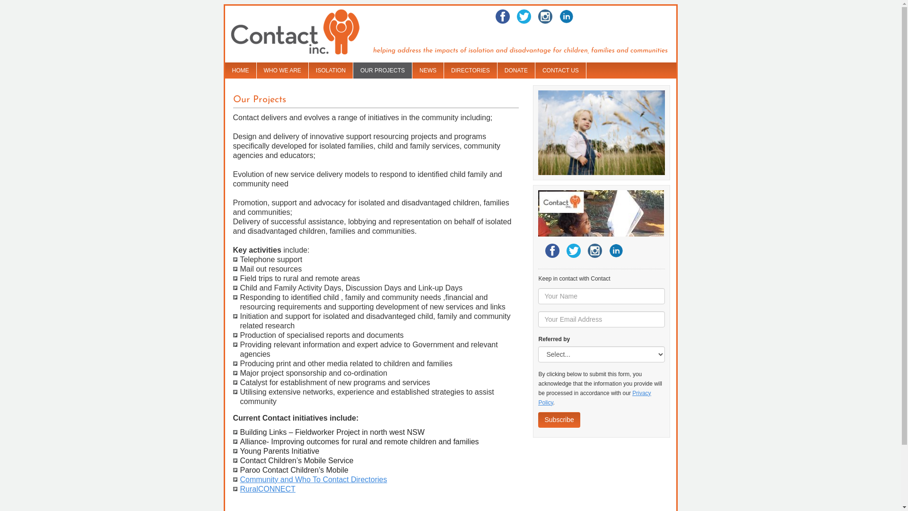  What do you see at coordinates (573, 250) in the screenshot?
I see `'Twitter'` at bounding box center [573, 250].